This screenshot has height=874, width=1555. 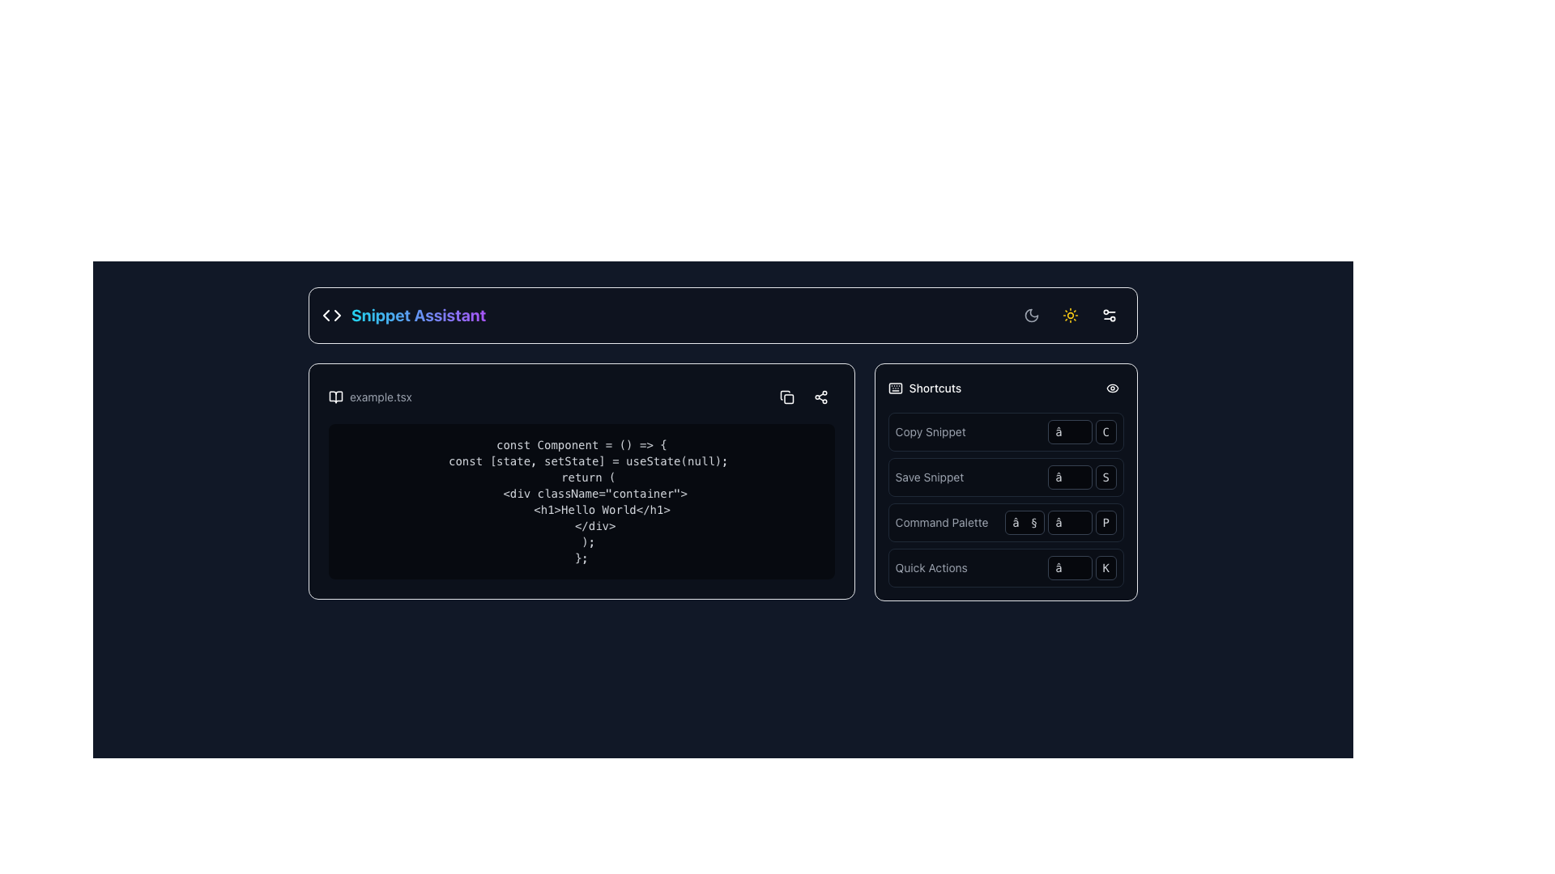 I want to click on the icon representing a code snippet feature located to the left of the 'Snippet Assistant' title in the header section, so click(x=330, y=315).